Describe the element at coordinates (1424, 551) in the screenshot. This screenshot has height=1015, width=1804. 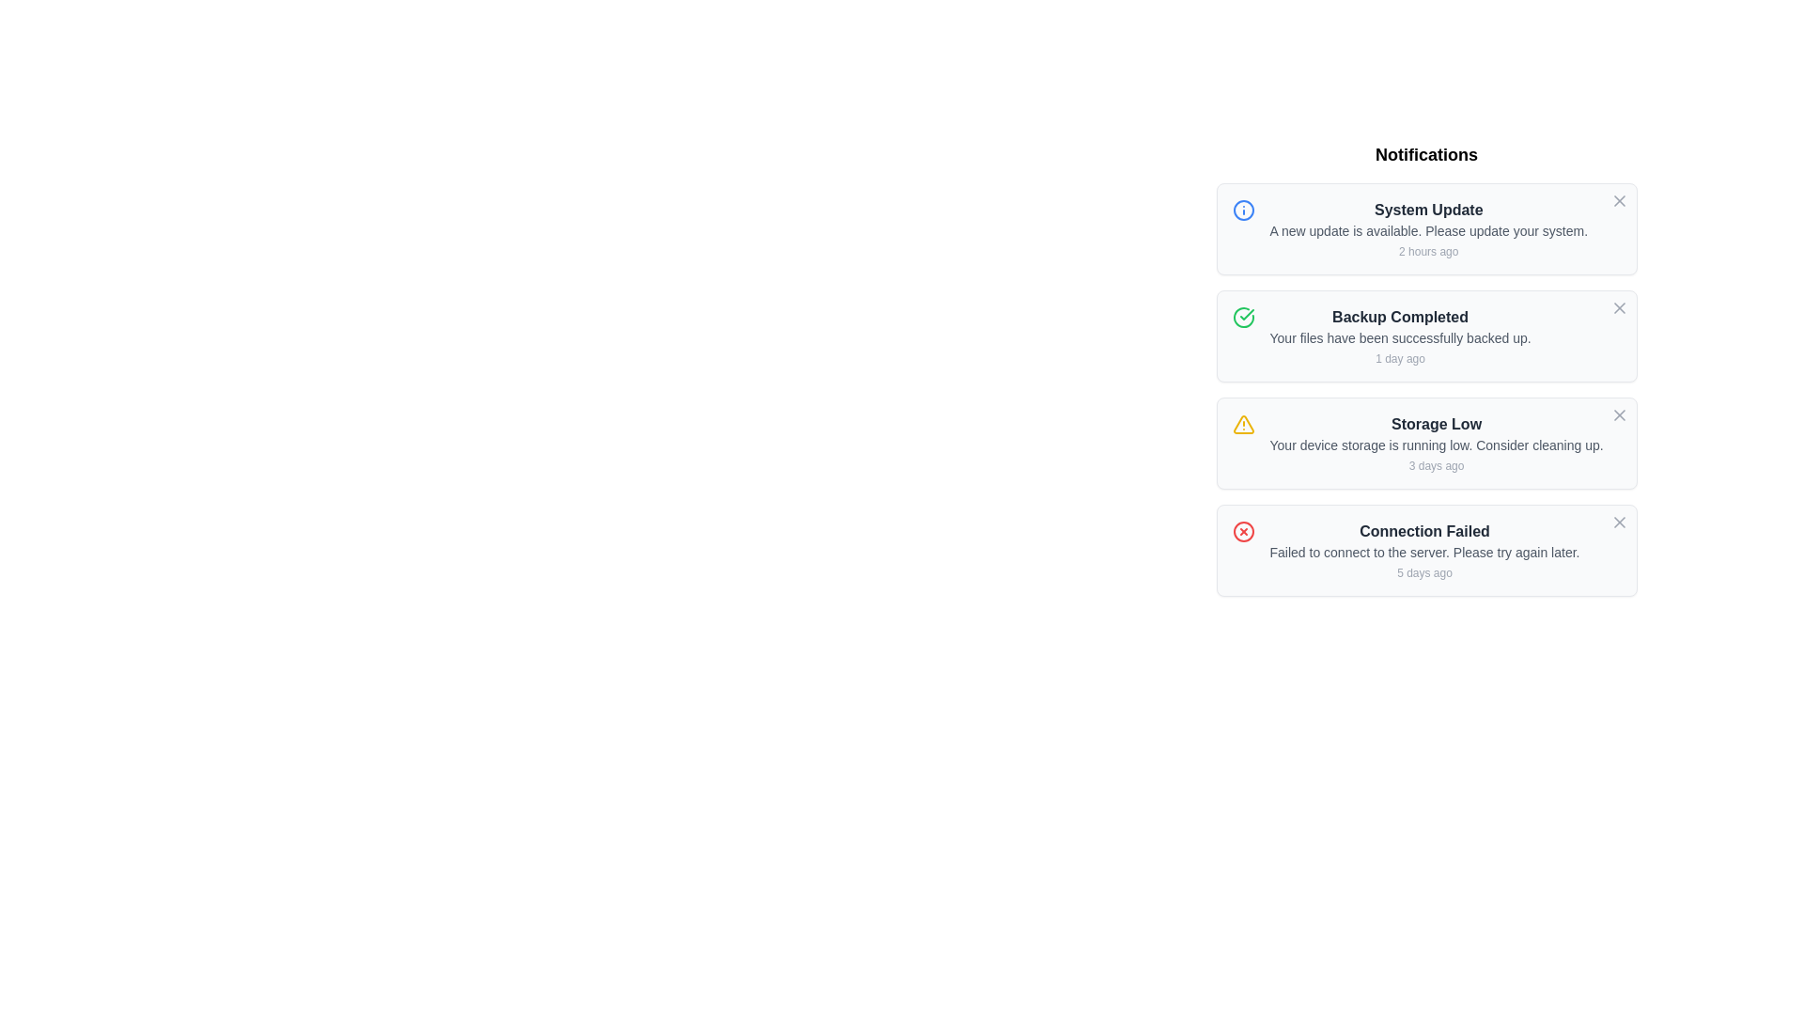
I see `notification message stating 'Failed to connect to the server. Please try again later.' which is the second line in the fourth notification item` at that location.